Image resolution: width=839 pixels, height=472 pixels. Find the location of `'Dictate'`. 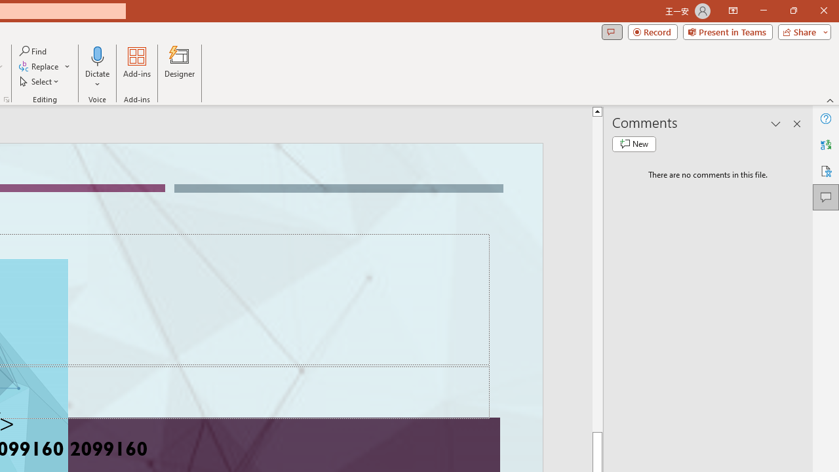

'Dictate' is located at coordinates (97, 68).